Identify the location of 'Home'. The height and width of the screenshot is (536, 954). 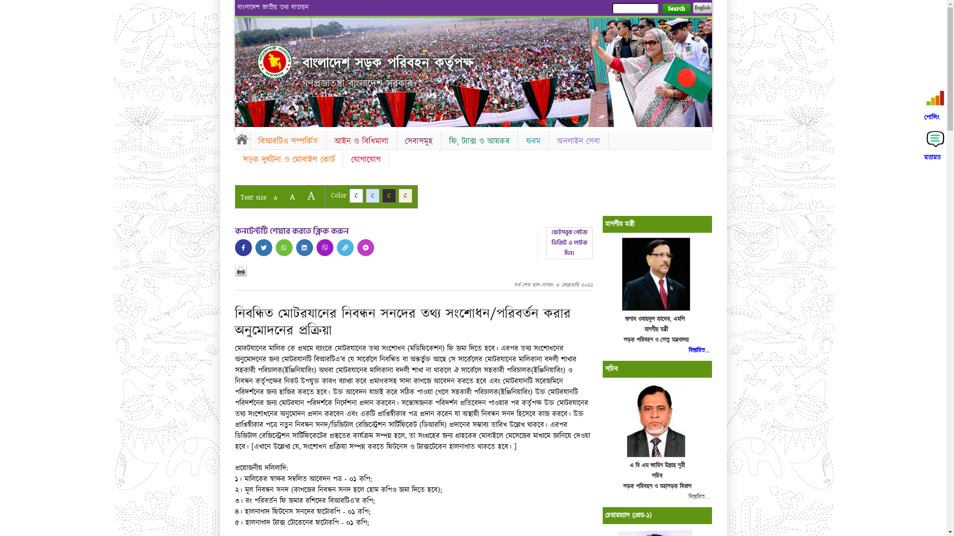
(241, 139).